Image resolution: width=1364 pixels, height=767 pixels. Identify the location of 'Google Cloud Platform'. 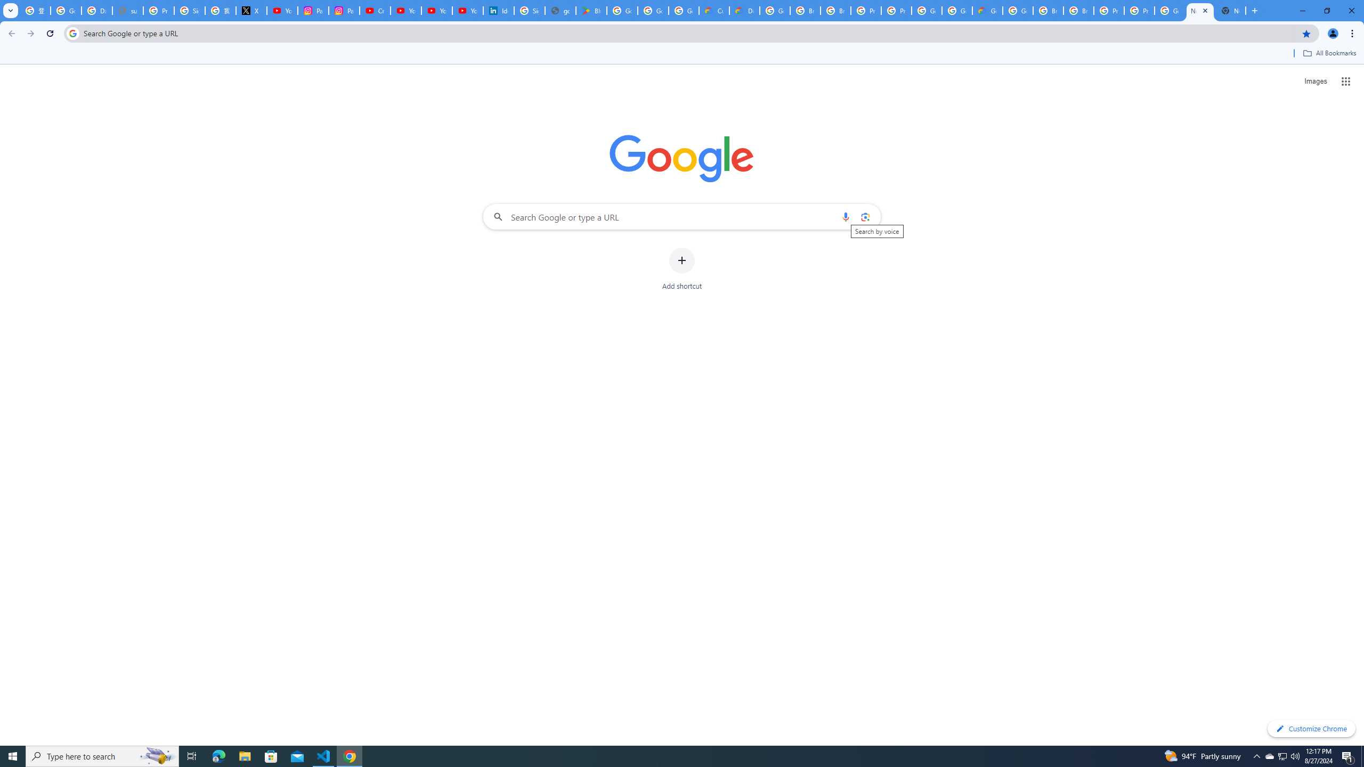
(1018, 10).